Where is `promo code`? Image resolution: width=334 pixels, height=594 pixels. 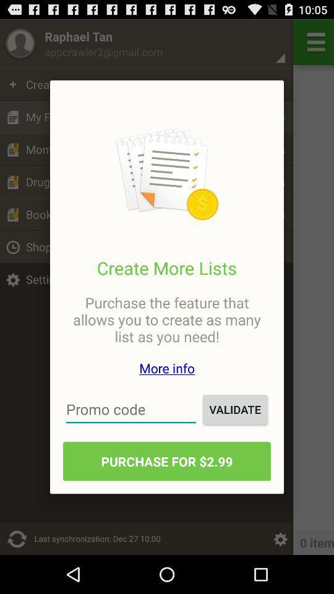 promo code is located at coordinates (131, 409).